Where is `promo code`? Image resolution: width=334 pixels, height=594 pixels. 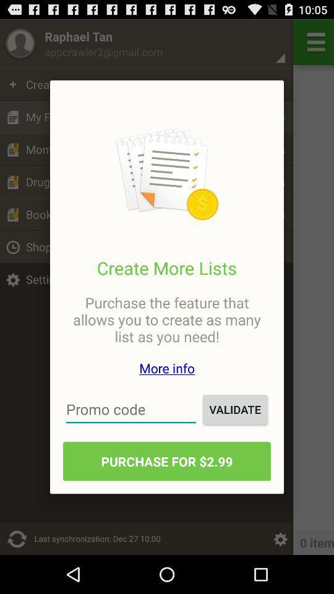 promo code is located at coordinates (131, 409).